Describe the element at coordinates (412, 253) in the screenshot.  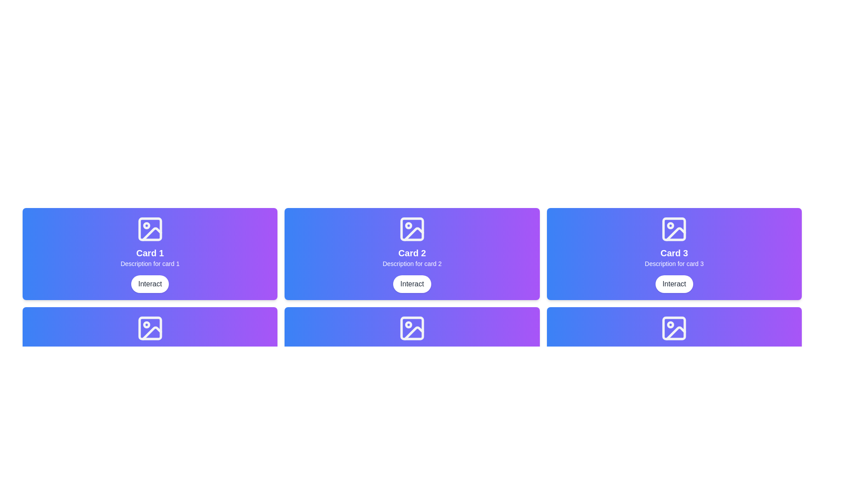
I see `the title text element located in the middle card above the description text 'Description for card 2'` at that location.